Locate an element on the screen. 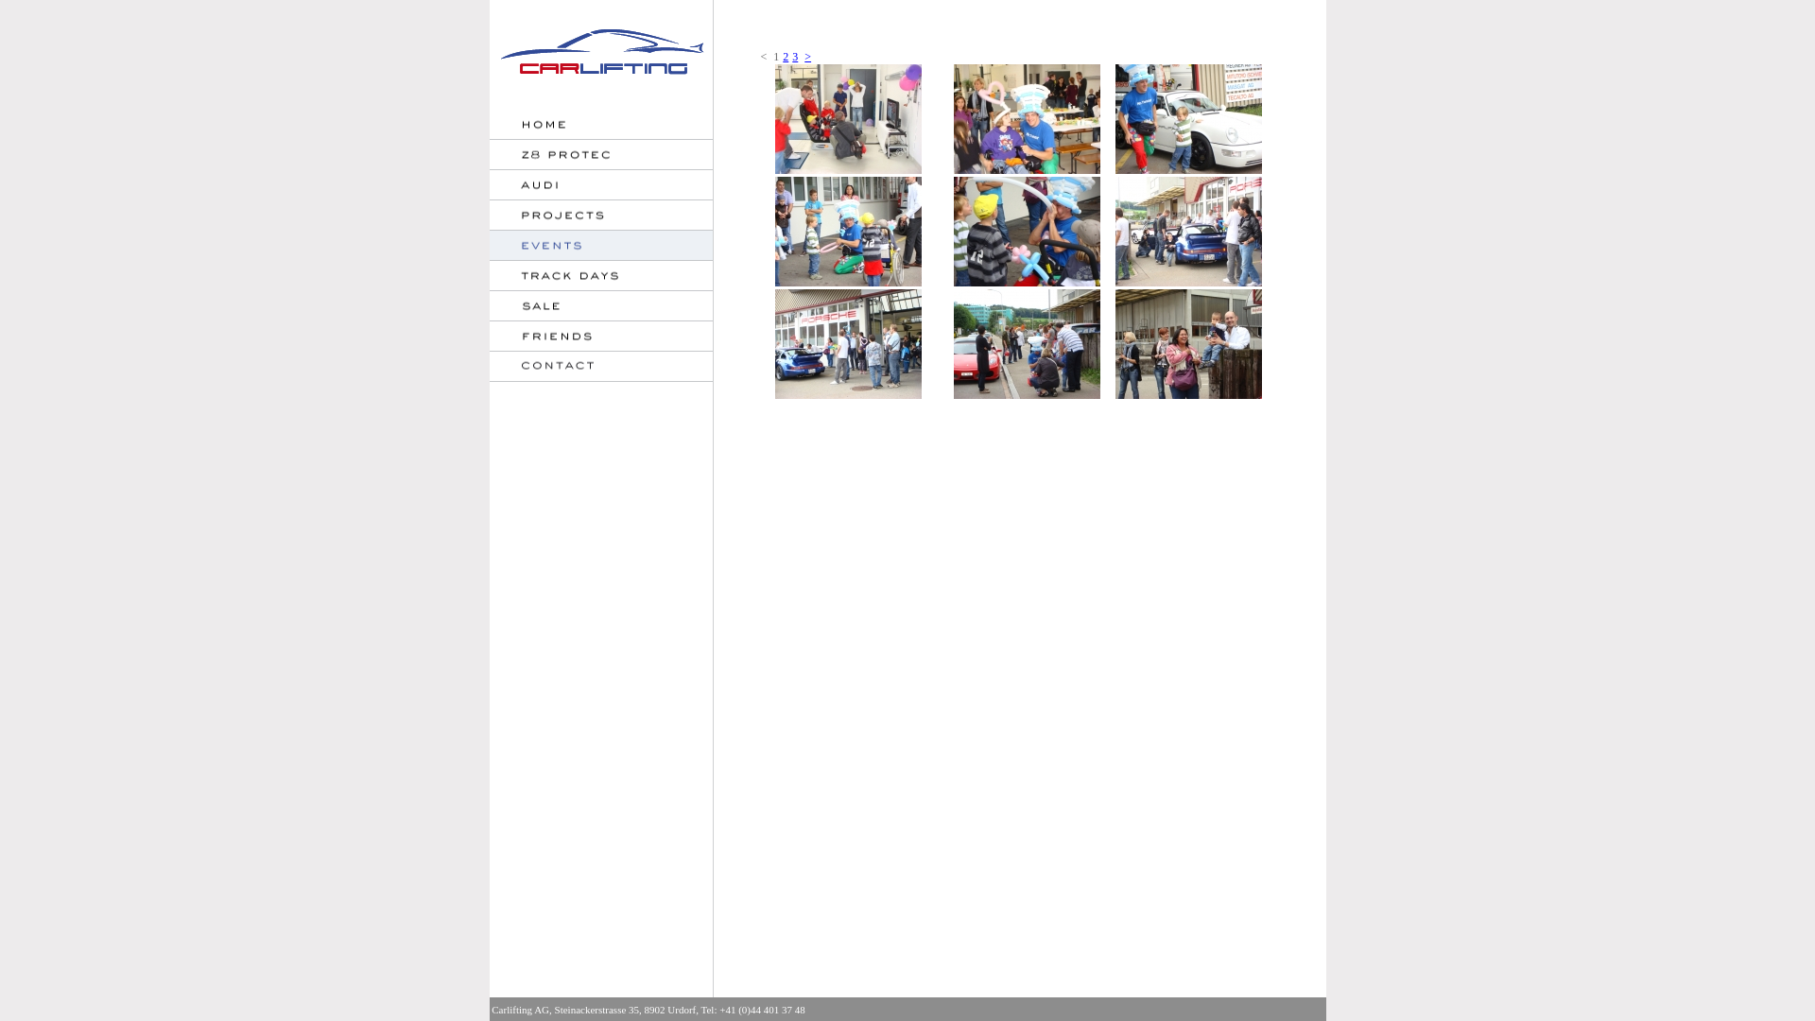  '>' is located at coordinates (804, 56).